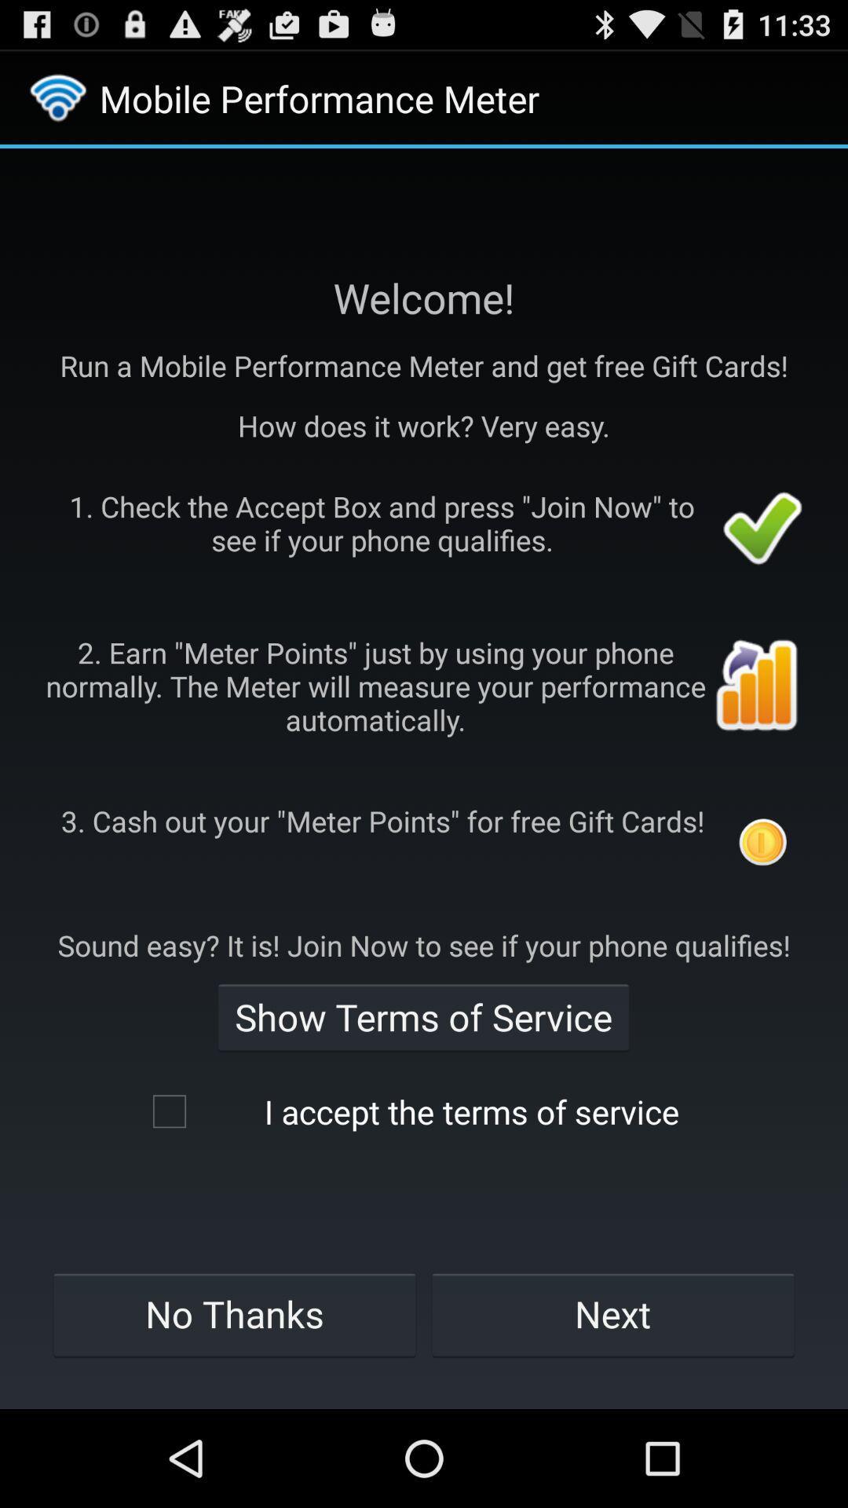  Describe the element at coordinates (612, 1314) in the screenshot. I see `next item` at that location.